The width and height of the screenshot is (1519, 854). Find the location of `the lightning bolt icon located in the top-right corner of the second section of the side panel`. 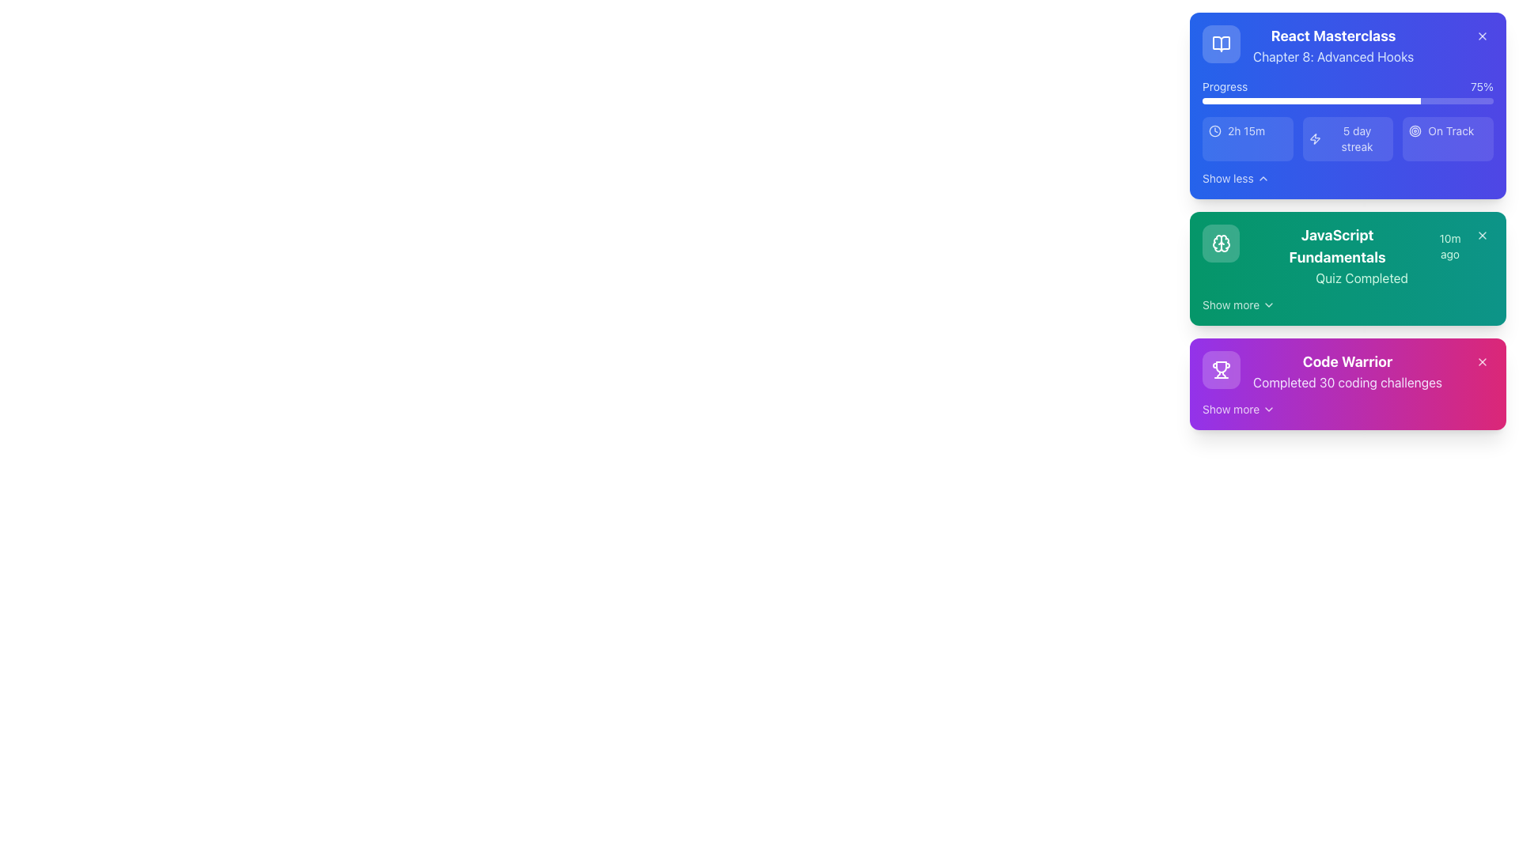

the lightning bolt icon located in the top-right corner of the second section of the side panel is located at coordinates (1315, 138).